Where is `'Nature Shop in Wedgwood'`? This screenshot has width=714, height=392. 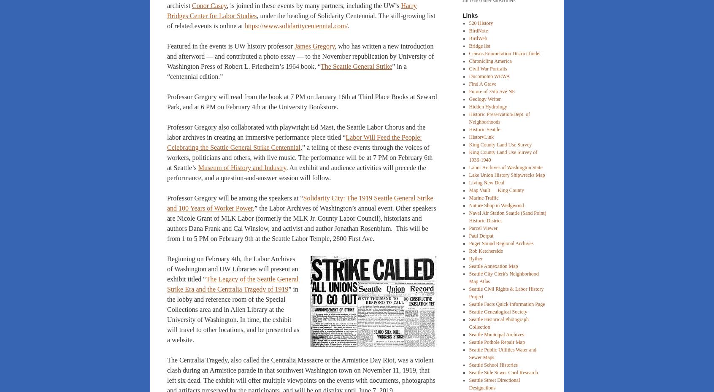
'Nature Shop in Wedgwood' is located at coordinates (495, 205).